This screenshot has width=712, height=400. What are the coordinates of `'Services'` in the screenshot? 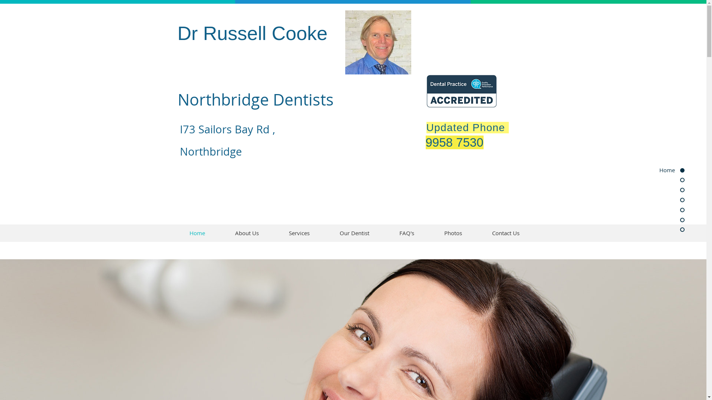 It's located at (299, 233).